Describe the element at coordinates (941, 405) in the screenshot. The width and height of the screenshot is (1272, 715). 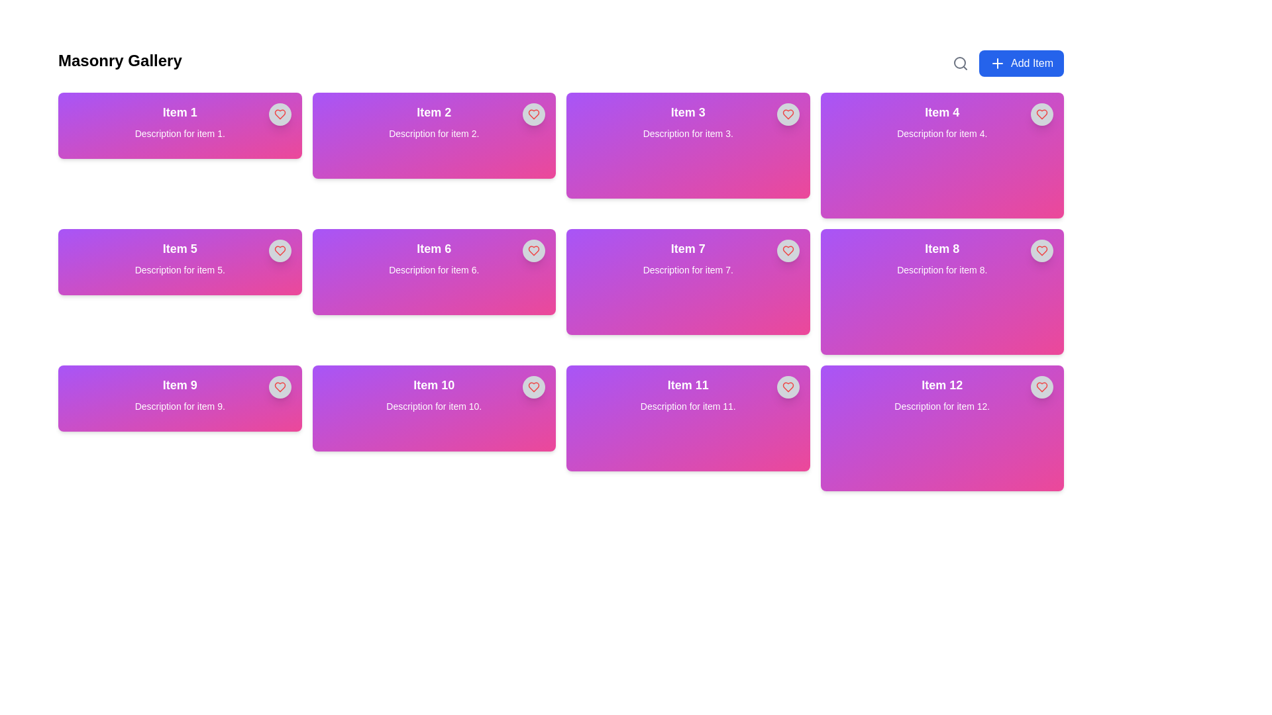
I see `the Text display providing additional information for 'Item 12', located directly below the title text in the card for 'Item 12'` at that location.